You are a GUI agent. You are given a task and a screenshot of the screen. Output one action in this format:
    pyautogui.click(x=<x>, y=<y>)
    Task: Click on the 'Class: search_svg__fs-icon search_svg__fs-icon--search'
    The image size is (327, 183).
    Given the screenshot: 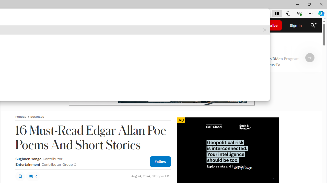 What is the action you would take?
    pyautogui.click(x=312, y=25)
    